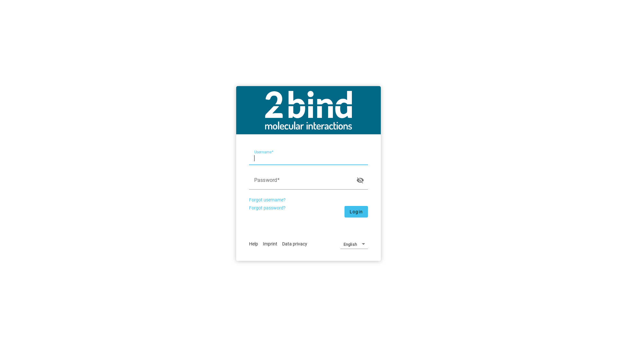  Describe the element at coordinates (268, 208) in the screenshot. I see `'Forgot password?'` at that location.